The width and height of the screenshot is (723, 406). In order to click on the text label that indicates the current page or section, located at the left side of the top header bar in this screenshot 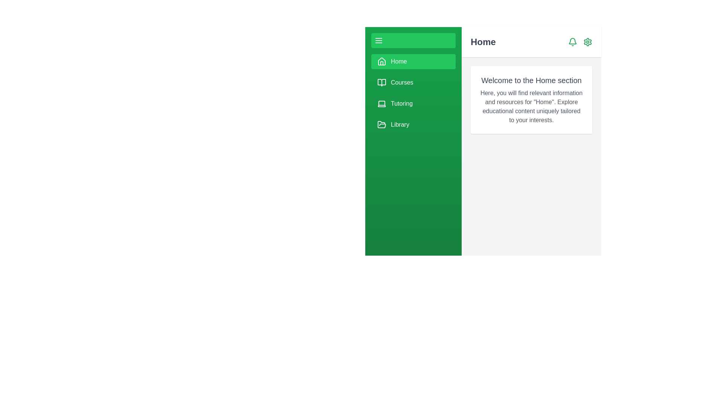, I will do `click(483, 42)`.